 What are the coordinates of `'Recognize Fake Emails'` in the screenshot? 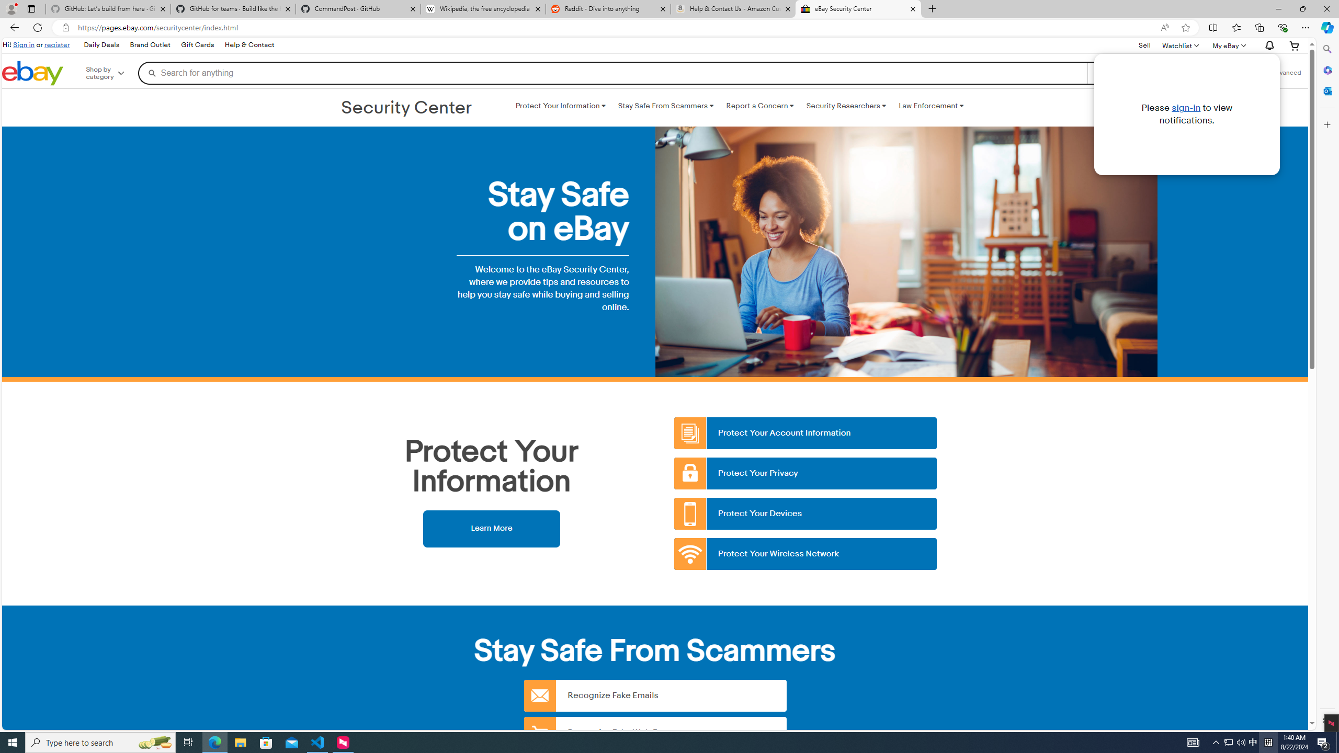 It's located at (655, 695).